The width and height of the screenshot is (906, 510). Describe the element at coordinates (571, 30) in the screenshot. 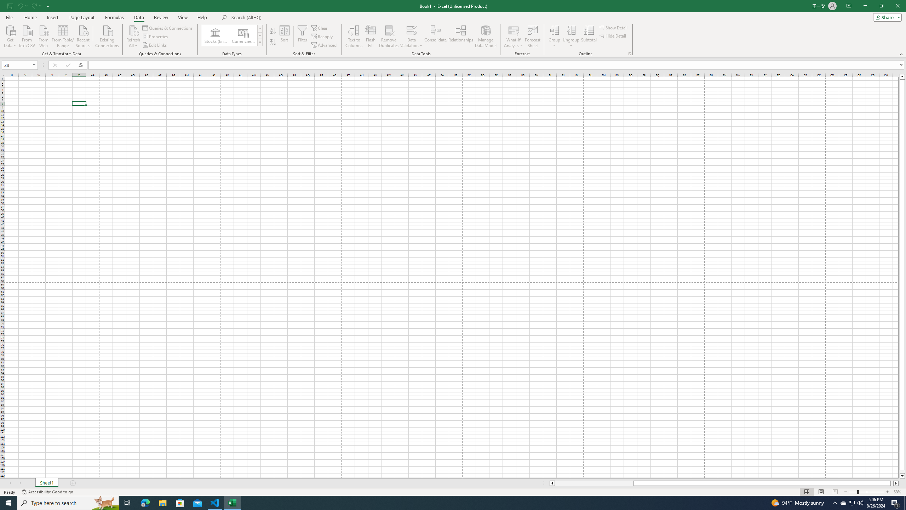

I see `'Ungroup...'` at that location.